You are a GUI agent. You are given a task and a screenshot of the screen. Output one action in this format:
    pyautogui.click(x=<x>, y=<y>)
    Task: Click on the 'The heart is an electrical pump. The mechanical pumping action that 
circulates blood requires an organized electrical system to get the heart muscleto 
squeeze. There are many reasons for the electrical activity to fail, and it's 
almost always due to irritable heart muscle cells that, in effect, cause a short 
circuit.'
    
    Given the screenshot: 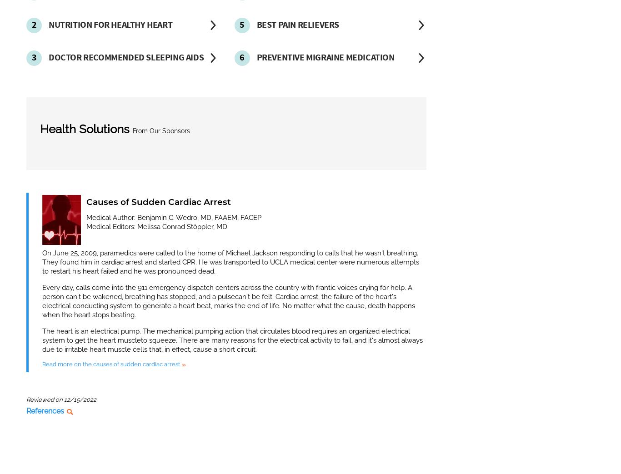 What is the action you would take?
    pyautogui.click(x=232, y=339)
    